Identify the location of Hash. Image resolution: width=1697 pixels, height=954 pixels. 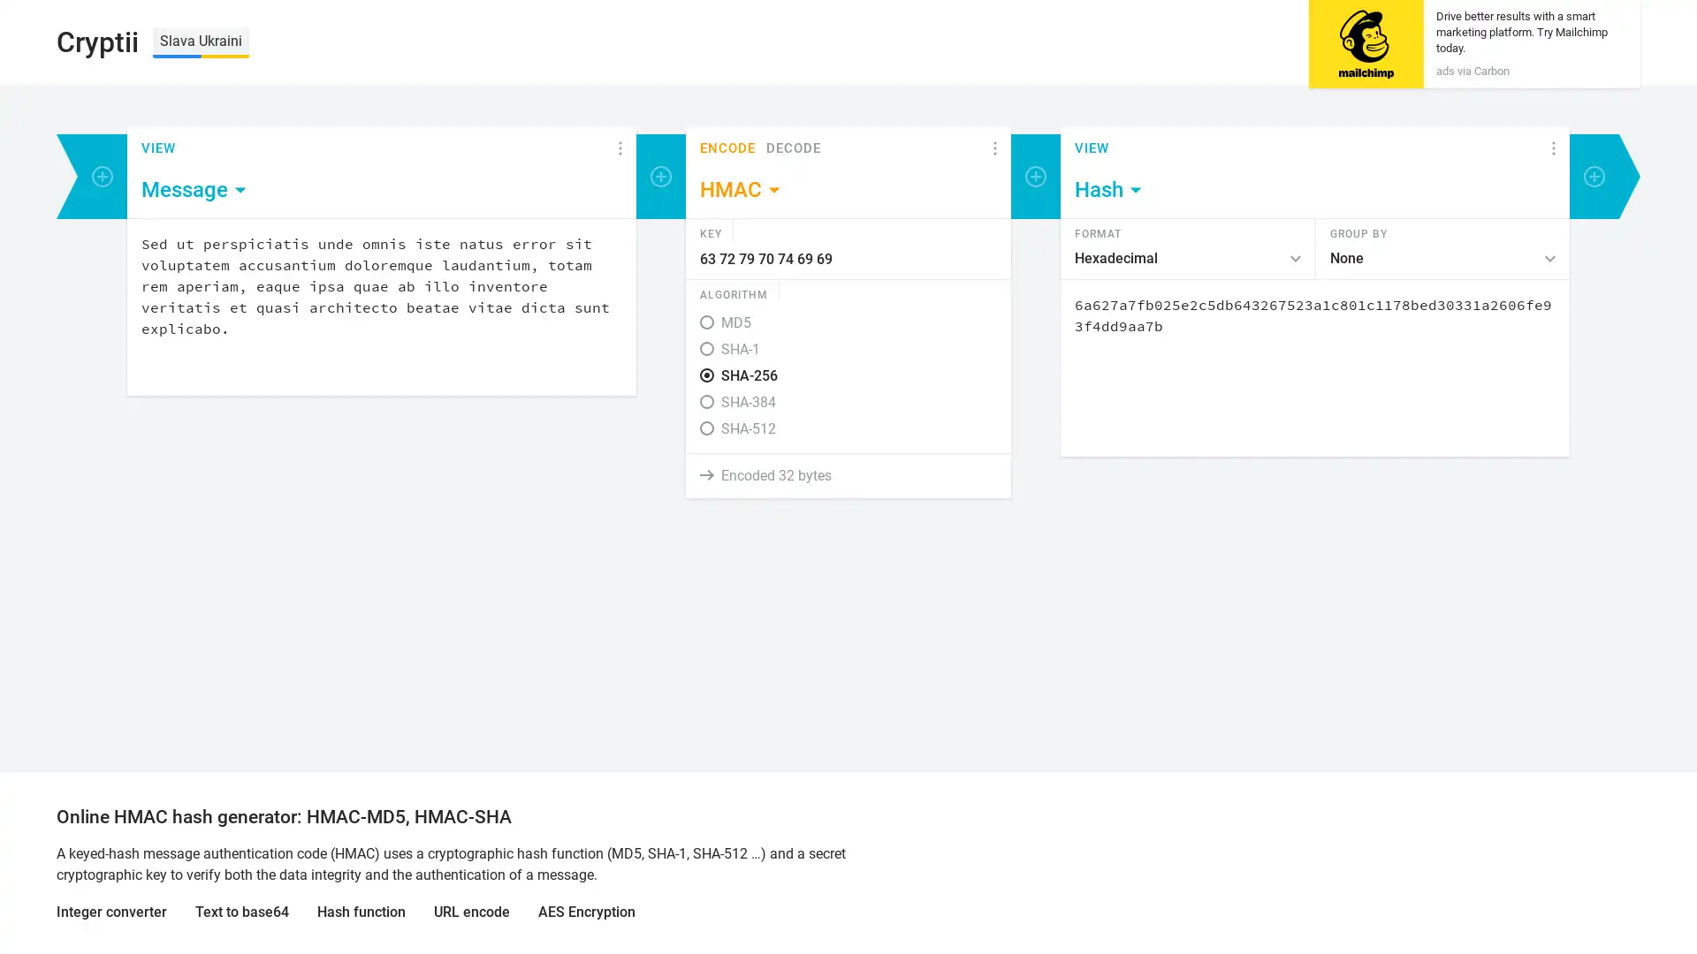
(1108, 190).